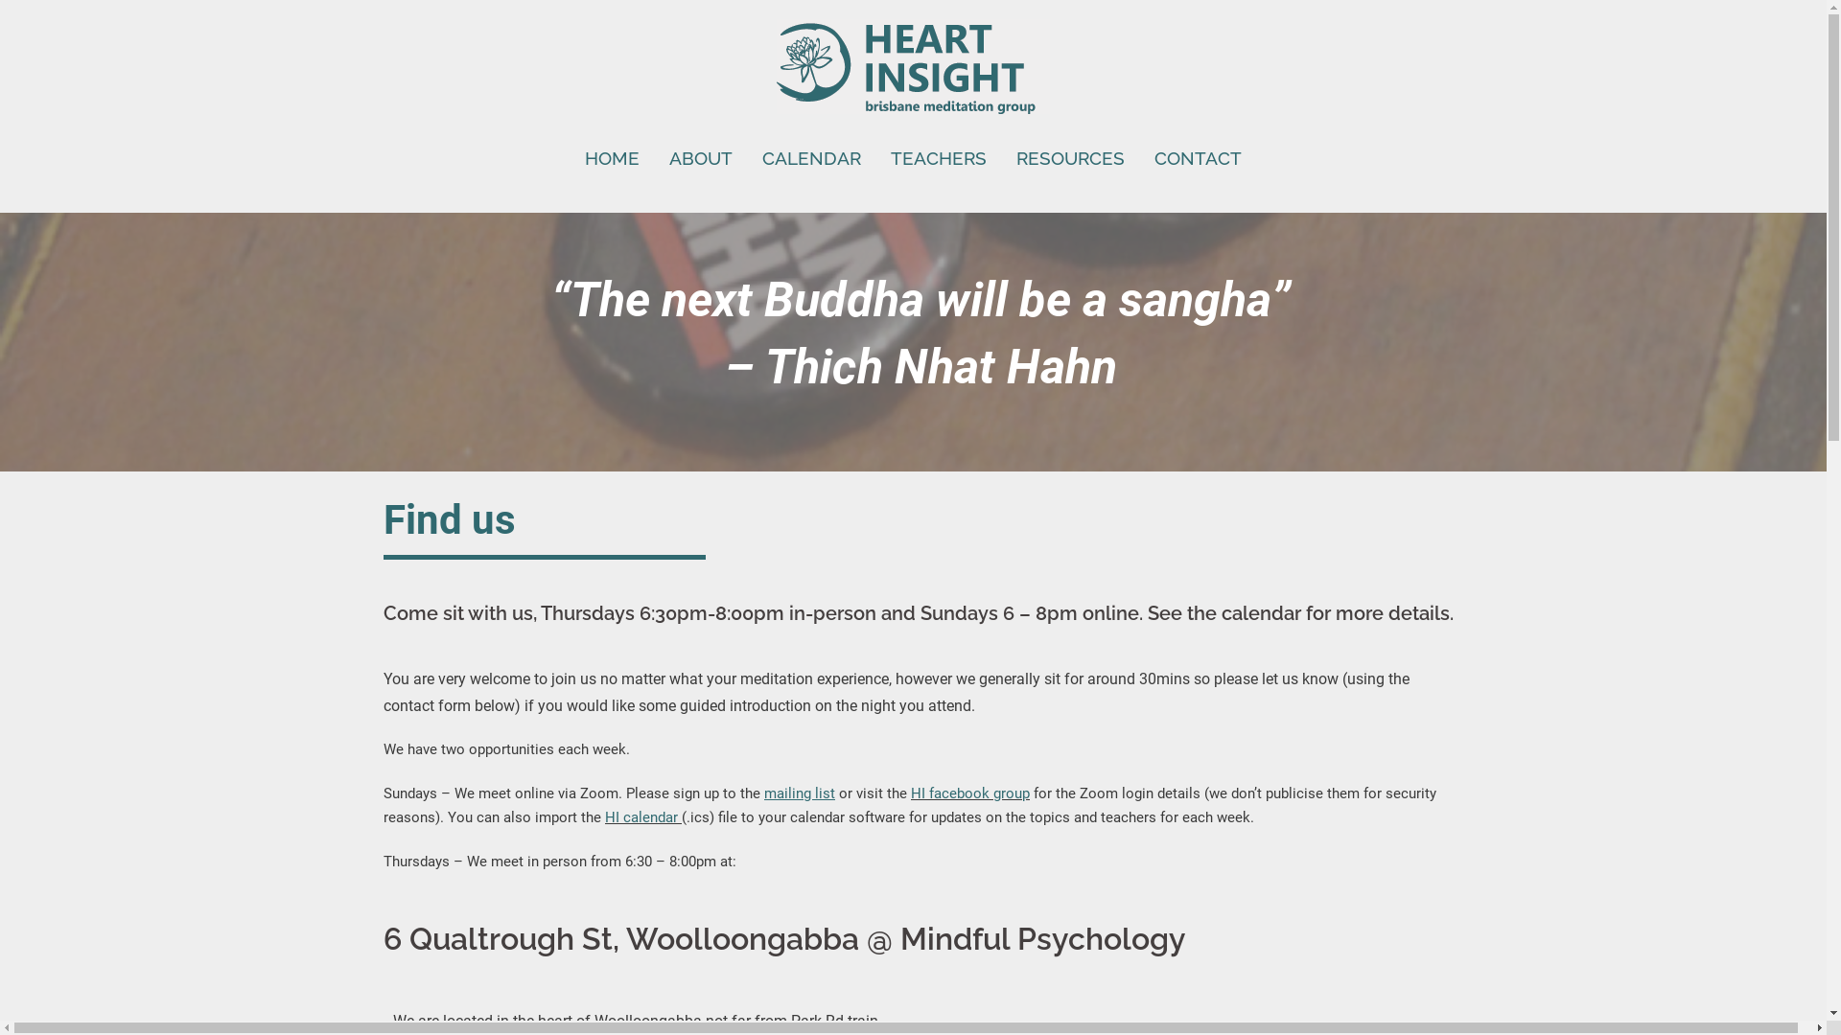  I want to click on 'CALENDAR', so click(811, 157).